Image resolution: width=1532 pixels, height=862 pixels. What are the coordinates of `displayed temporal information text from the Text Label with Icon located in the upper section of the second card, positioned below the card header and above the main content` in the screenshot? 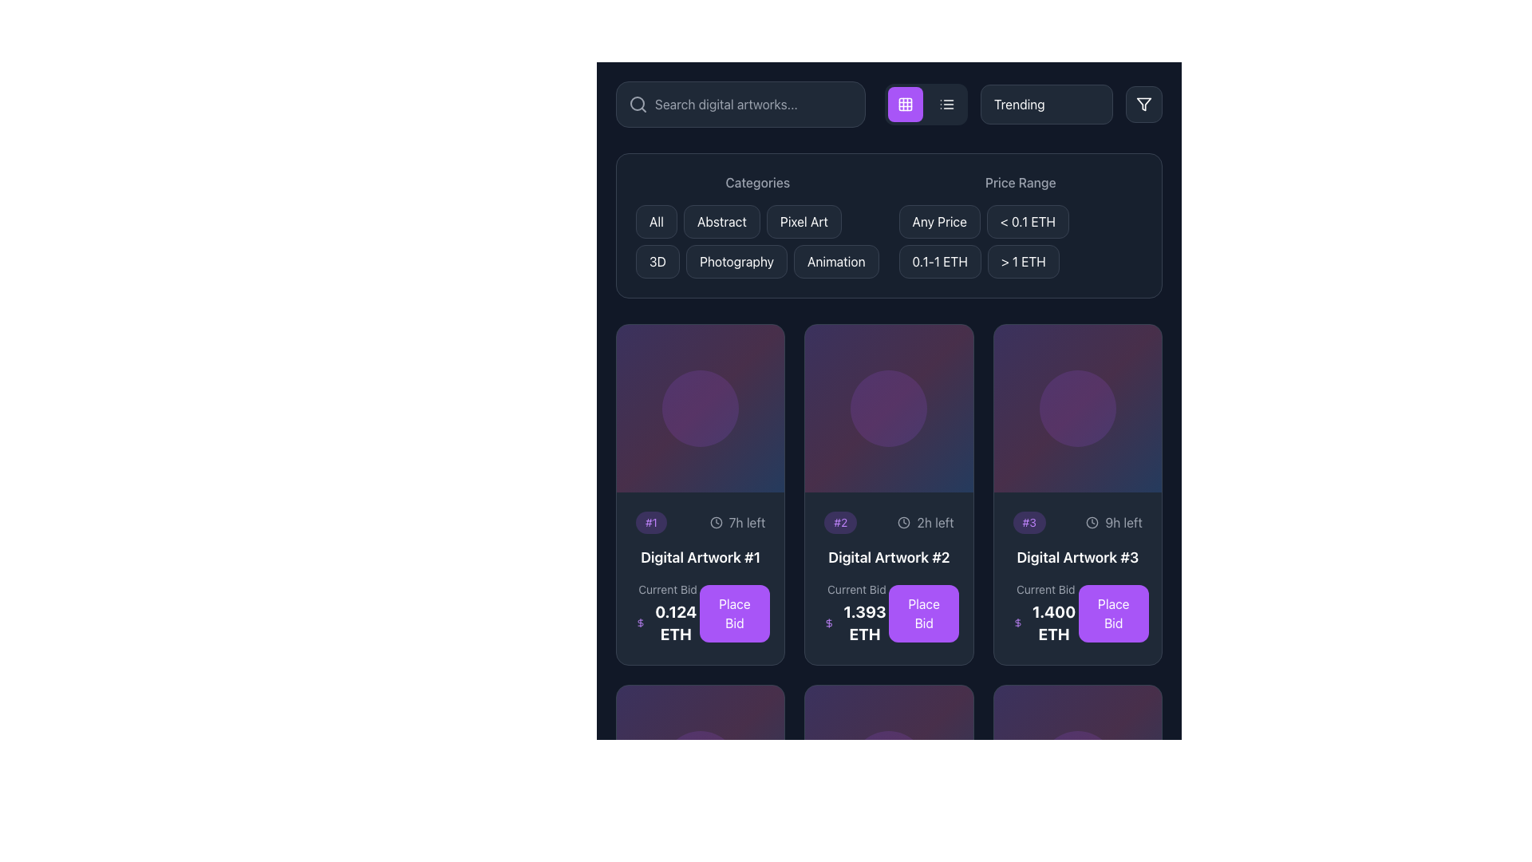 It's located at (926, 523).